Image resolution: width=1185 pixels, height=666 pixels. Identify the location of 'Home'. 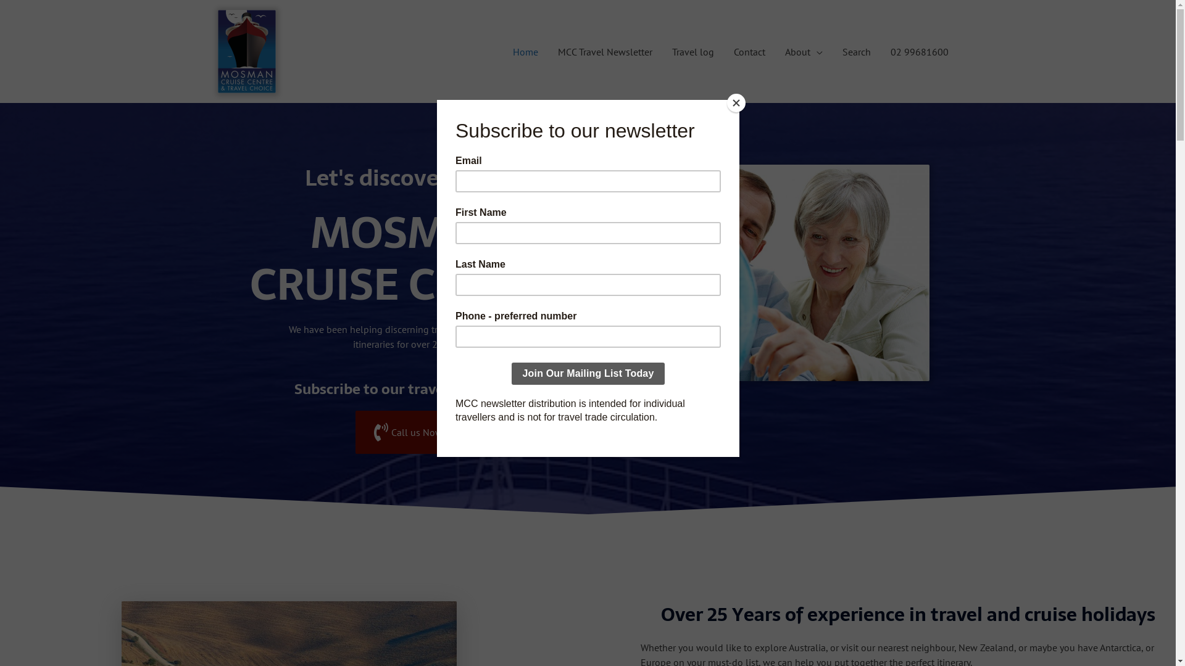
(525, 51).